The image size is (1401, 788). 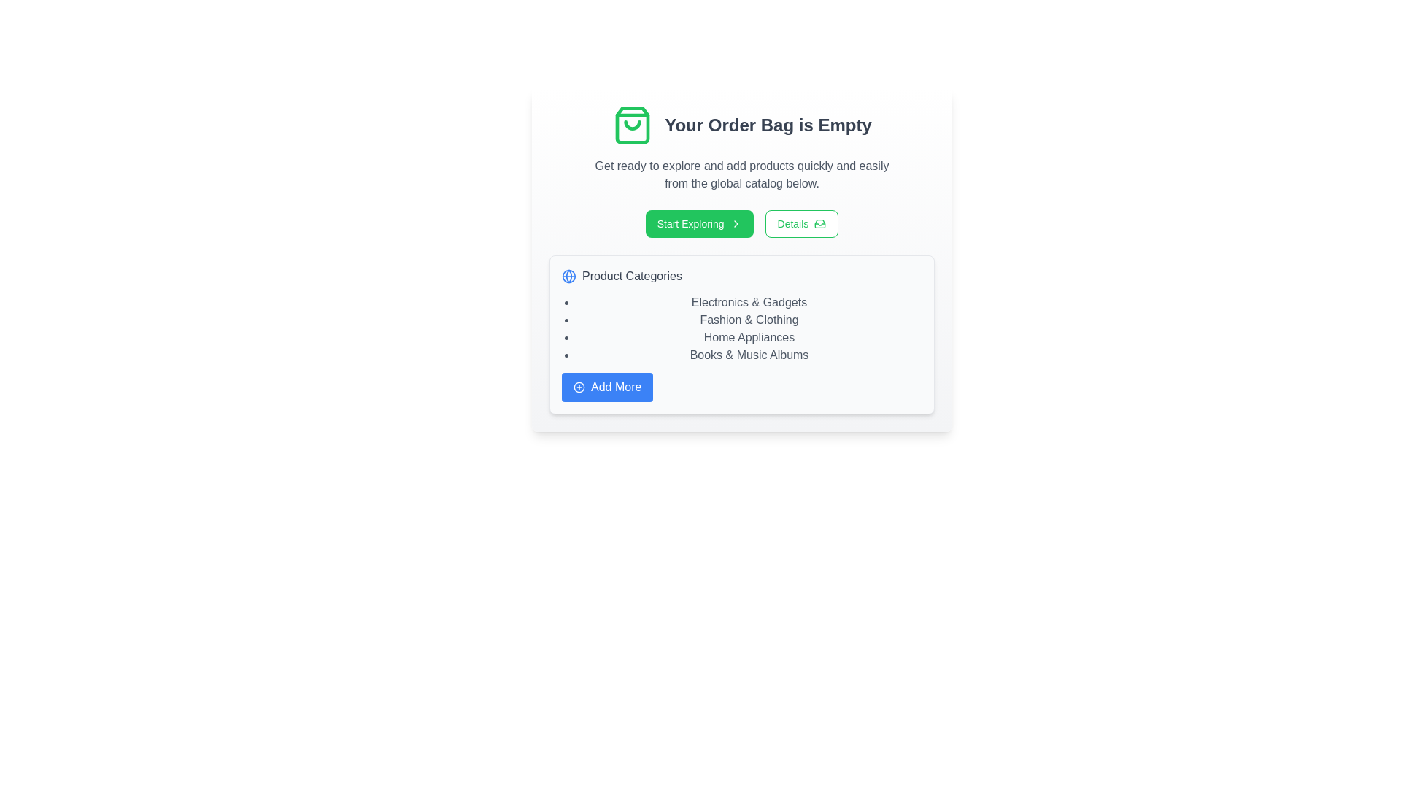 I want to click on centered paragraph of gray text that reads 'Get ready to explore and add products quickly and easily from the global catalog below.' located beneath the heading 'Your Order Bag is Empty.', so click(x=742, y=174).